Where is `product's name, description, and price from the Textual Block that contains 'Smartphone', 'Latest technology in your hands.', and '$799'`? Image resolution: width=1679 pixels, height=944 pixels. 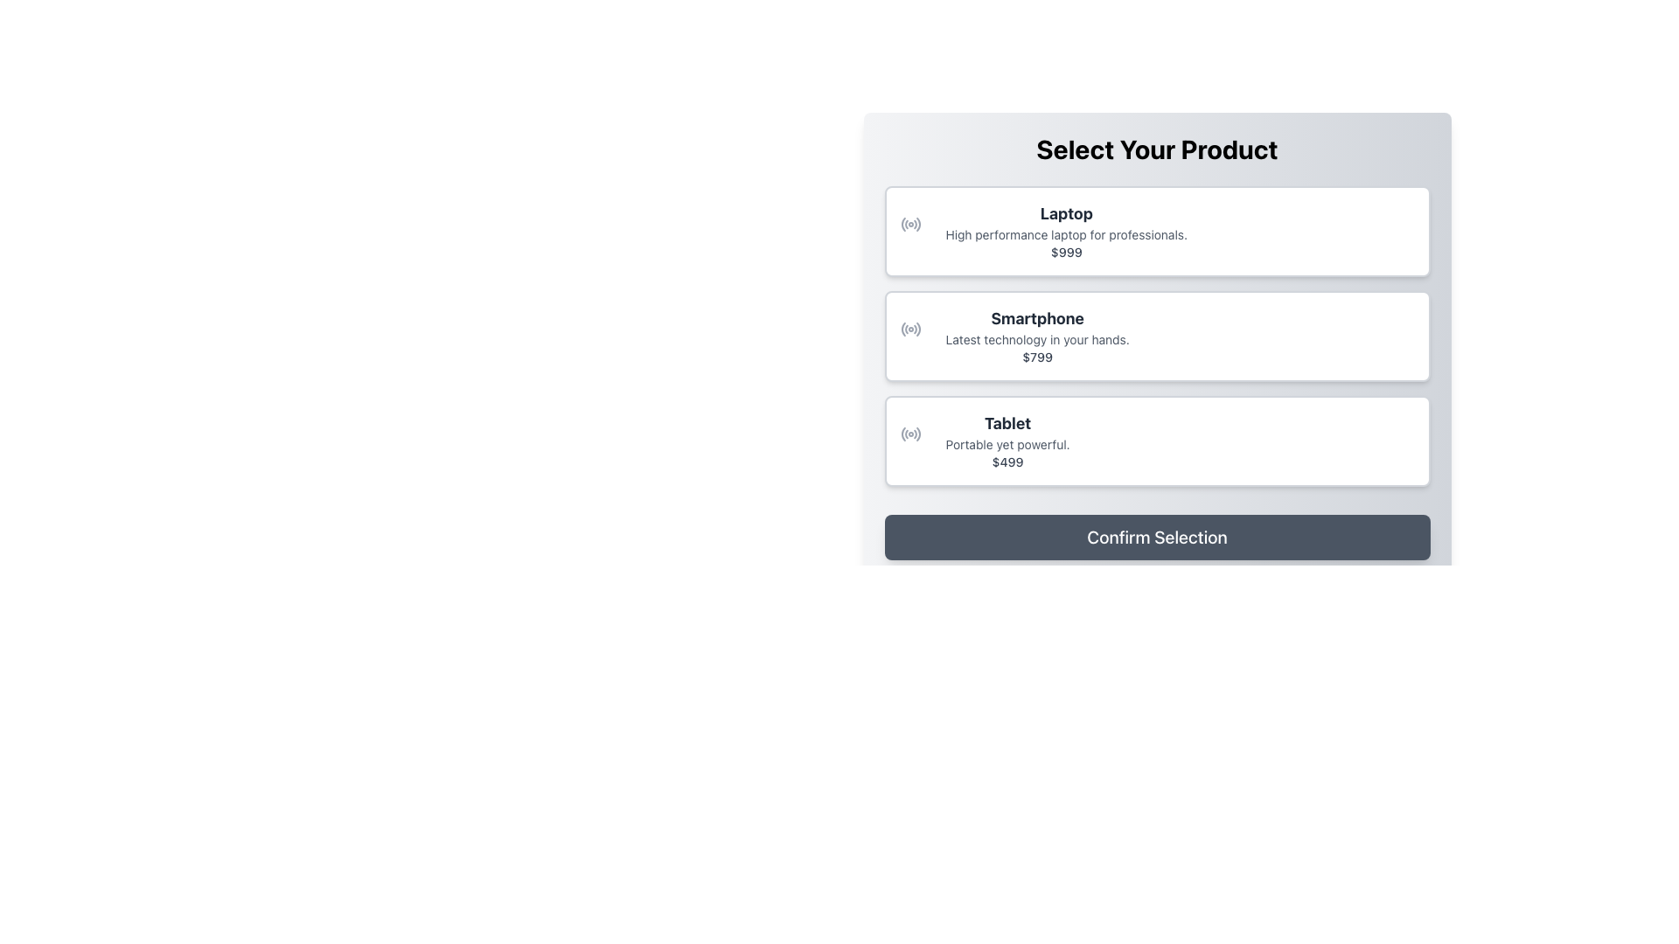
product's name, description, and price from the Textual Block that contains 'Smartphone', 'Latest technology in your hands.', and '$799' is located at coordinates (1037, 337).